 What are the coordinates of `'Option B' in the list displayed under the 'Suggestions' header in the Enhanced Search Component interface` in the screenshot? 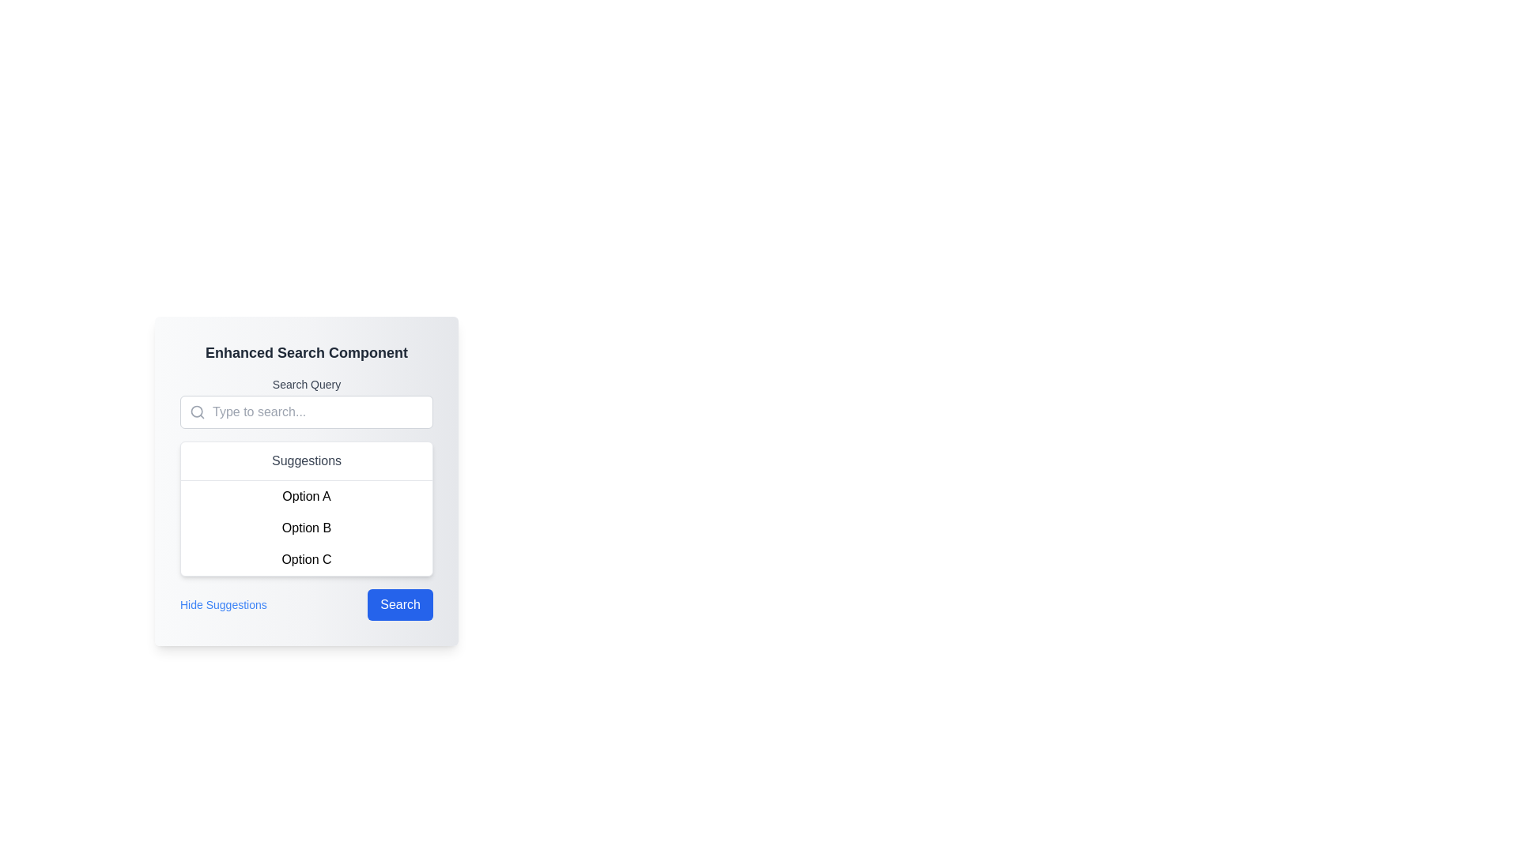 It's located at (307, 528).